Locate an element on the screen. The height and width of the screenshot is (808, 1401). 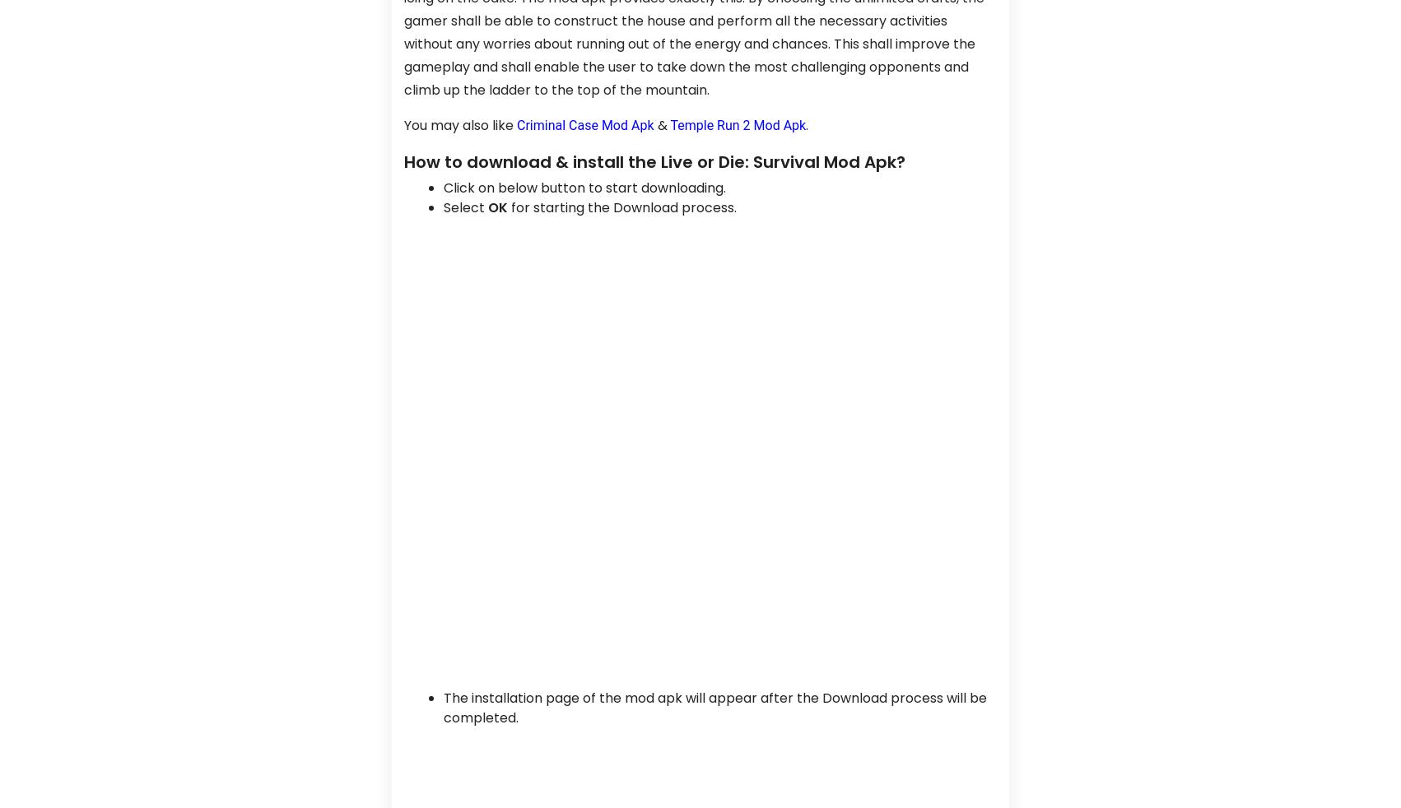
'&' is located at coordinates (661, 123).